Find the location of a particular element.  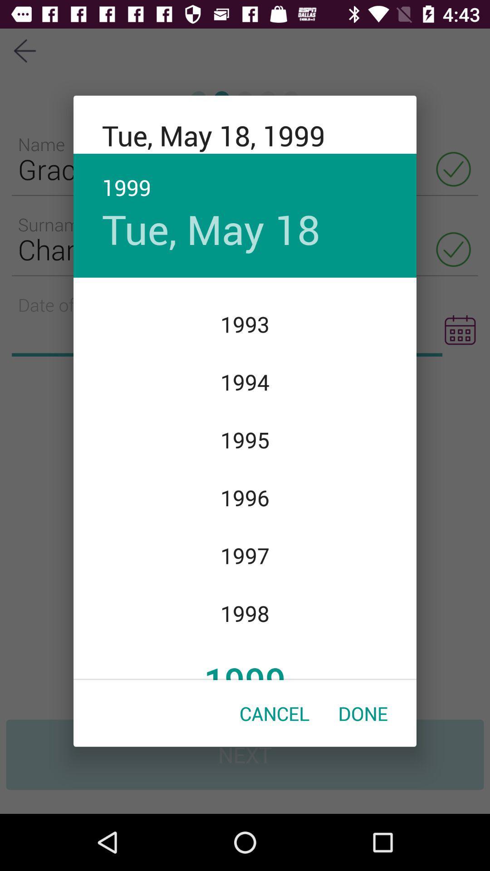

the done is located at coordinates (363, 713).